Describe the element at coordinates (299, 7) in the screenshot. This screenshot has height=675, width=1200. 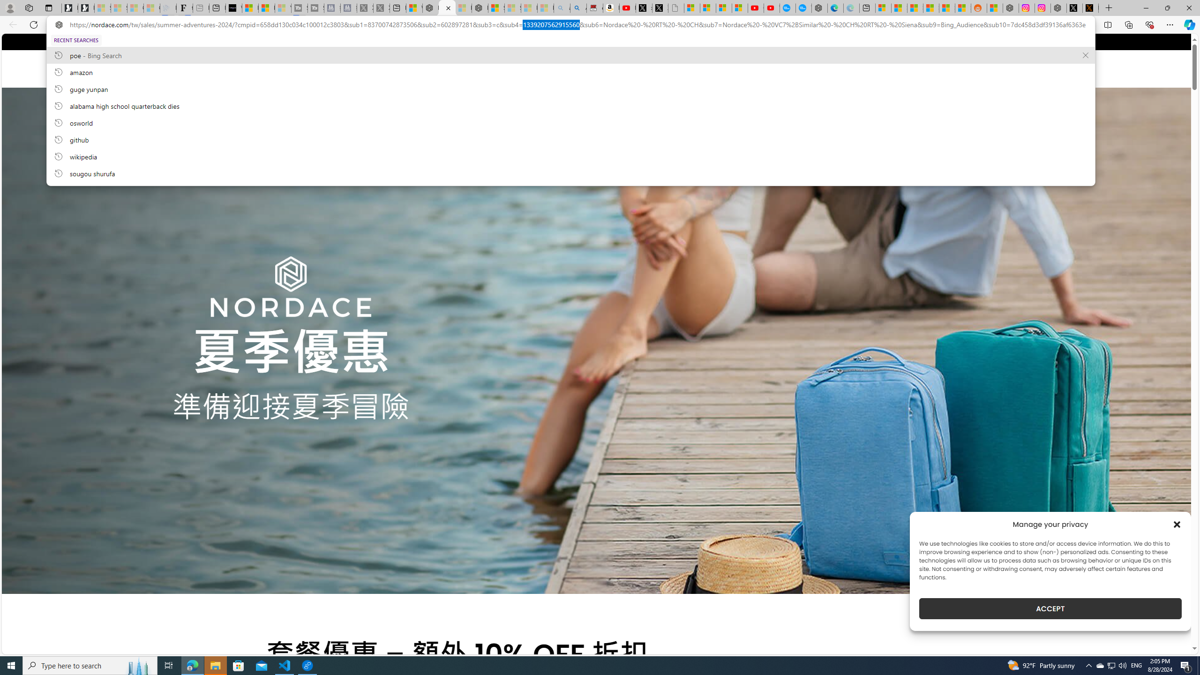
I see `'Streaming Coverage | T3 - Sleeping'` at that location.